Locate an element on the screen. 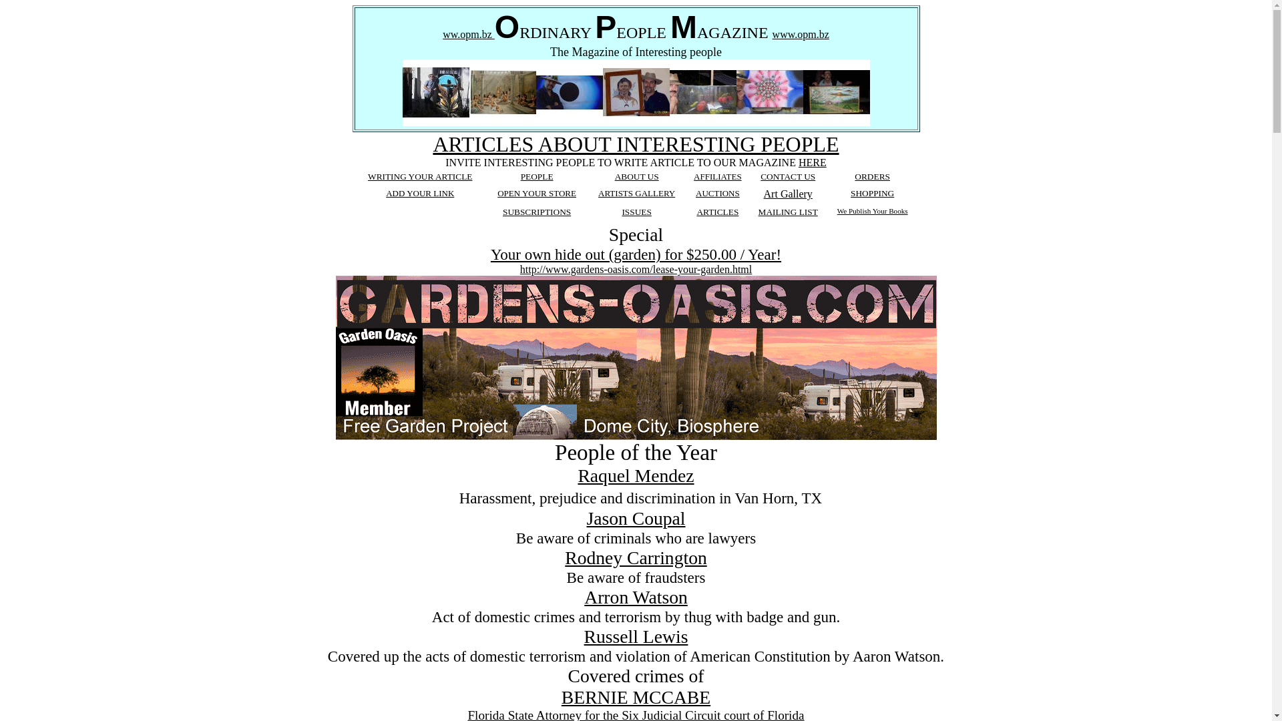 This screenshot has width=1282, height=721. 'ARTICLES' is located at coordinates (695, 211).